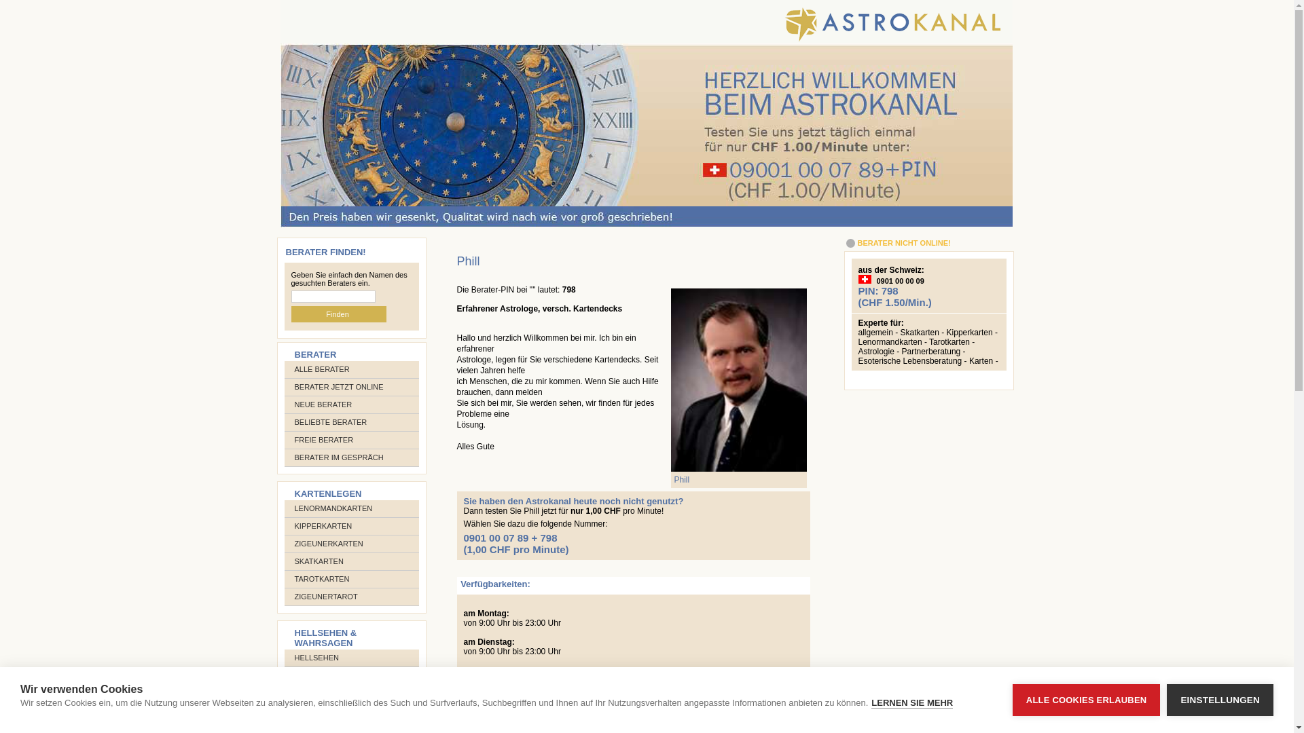  What do you see at coordinates (319, 561) in the screenshot?
I see `'SKATKARTEN'` at bounding box center [319, 561].